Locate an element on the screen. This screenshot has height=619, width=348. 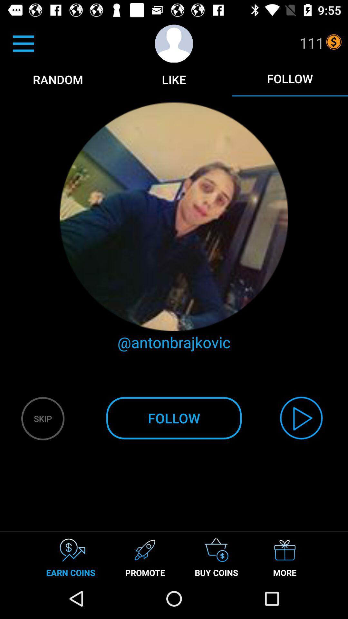
play icon at the bottom is located at coordinates (301, 418).